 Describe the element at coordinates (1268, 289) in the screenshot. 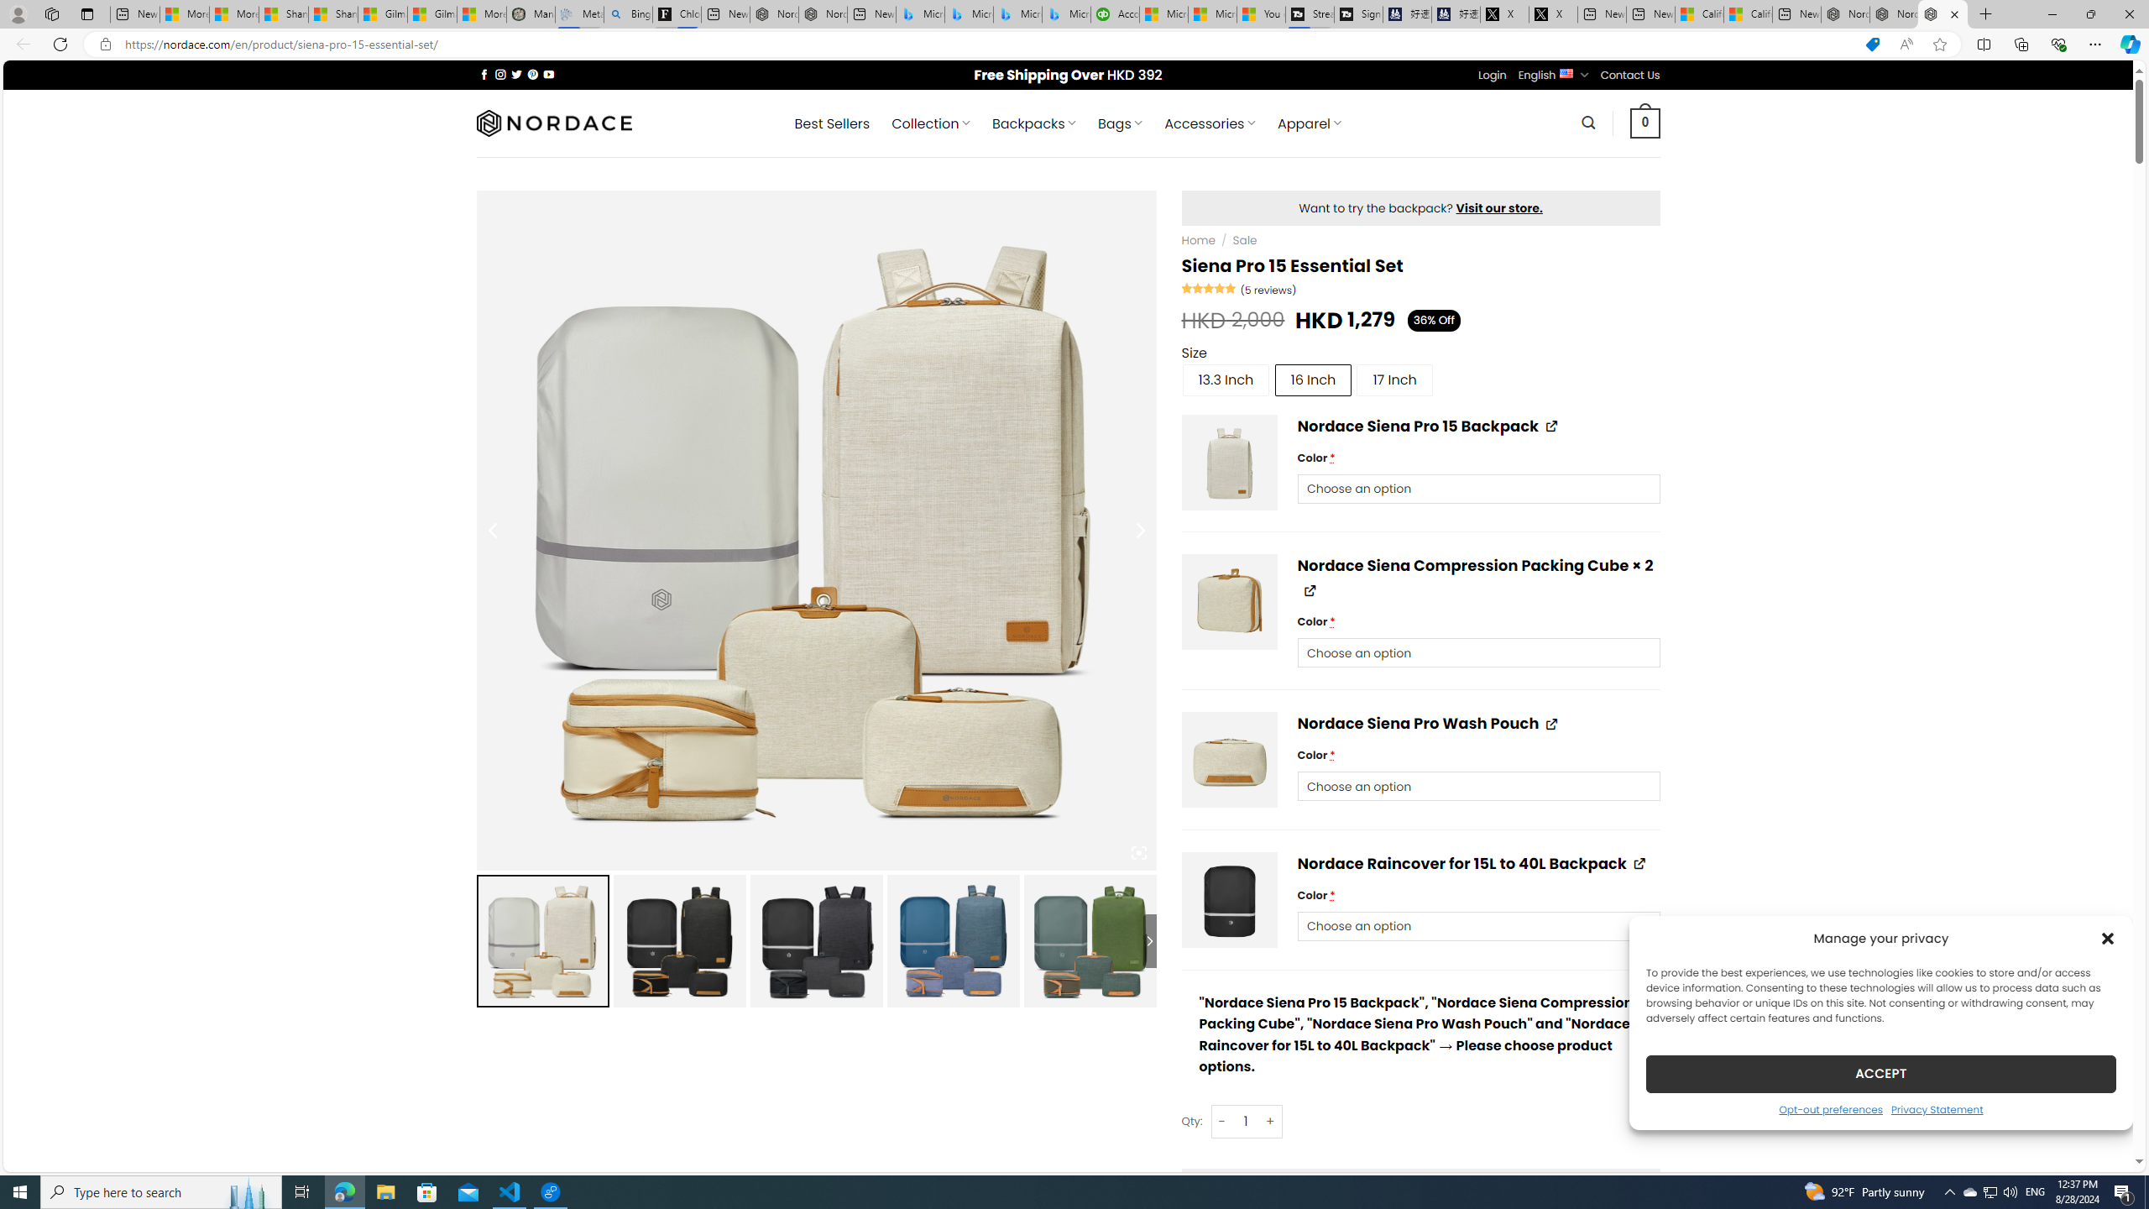

I see `'(5 reviews)'` at that location.